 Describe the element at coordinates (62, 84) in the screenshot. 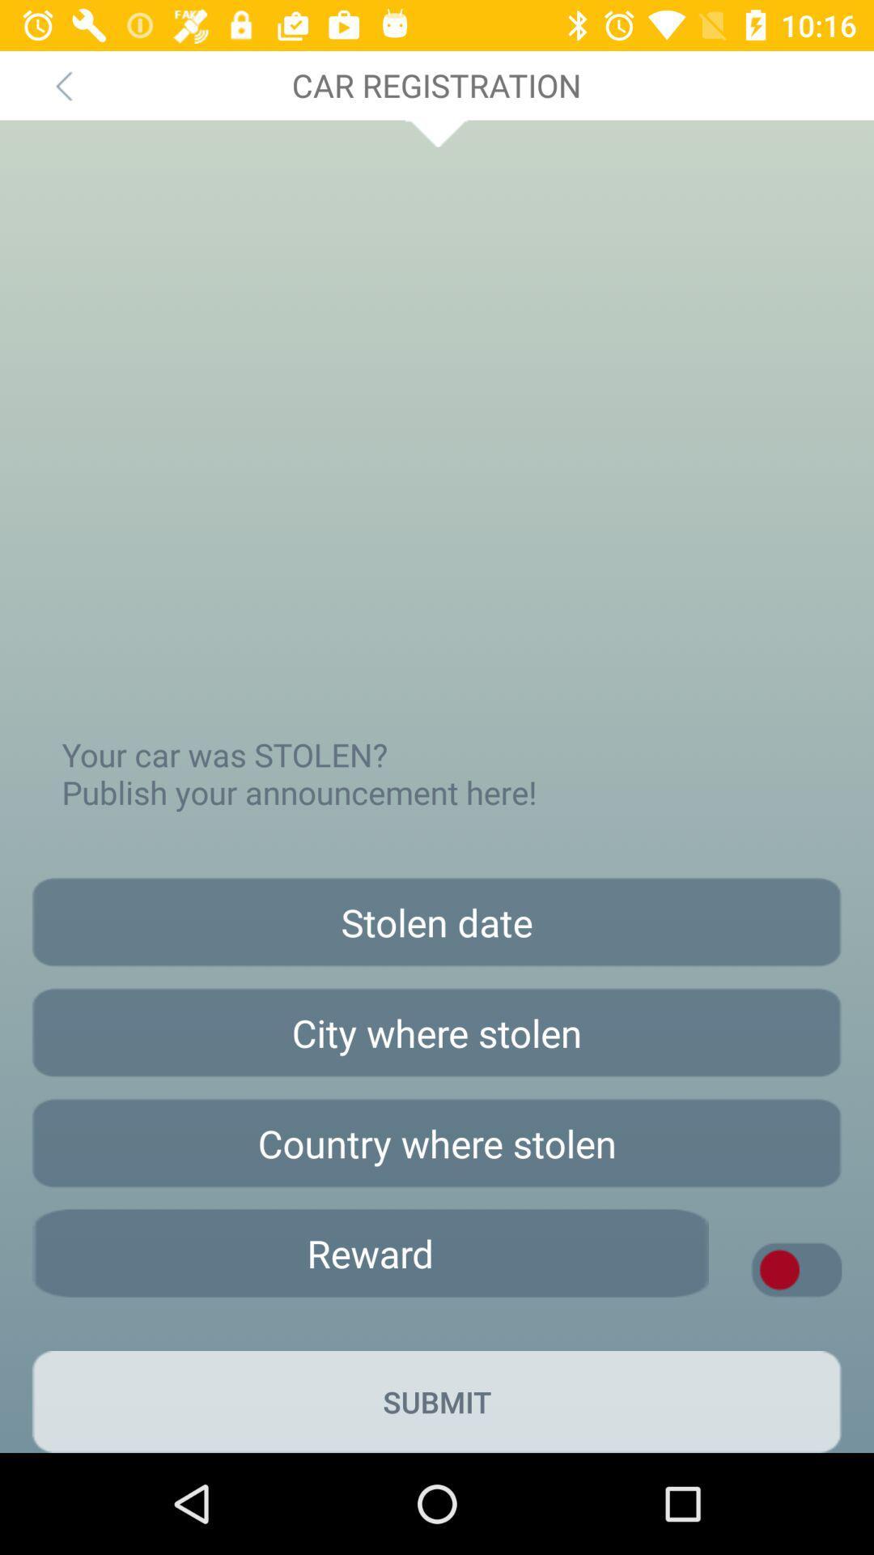

I see `icon above your car was app` at that location.